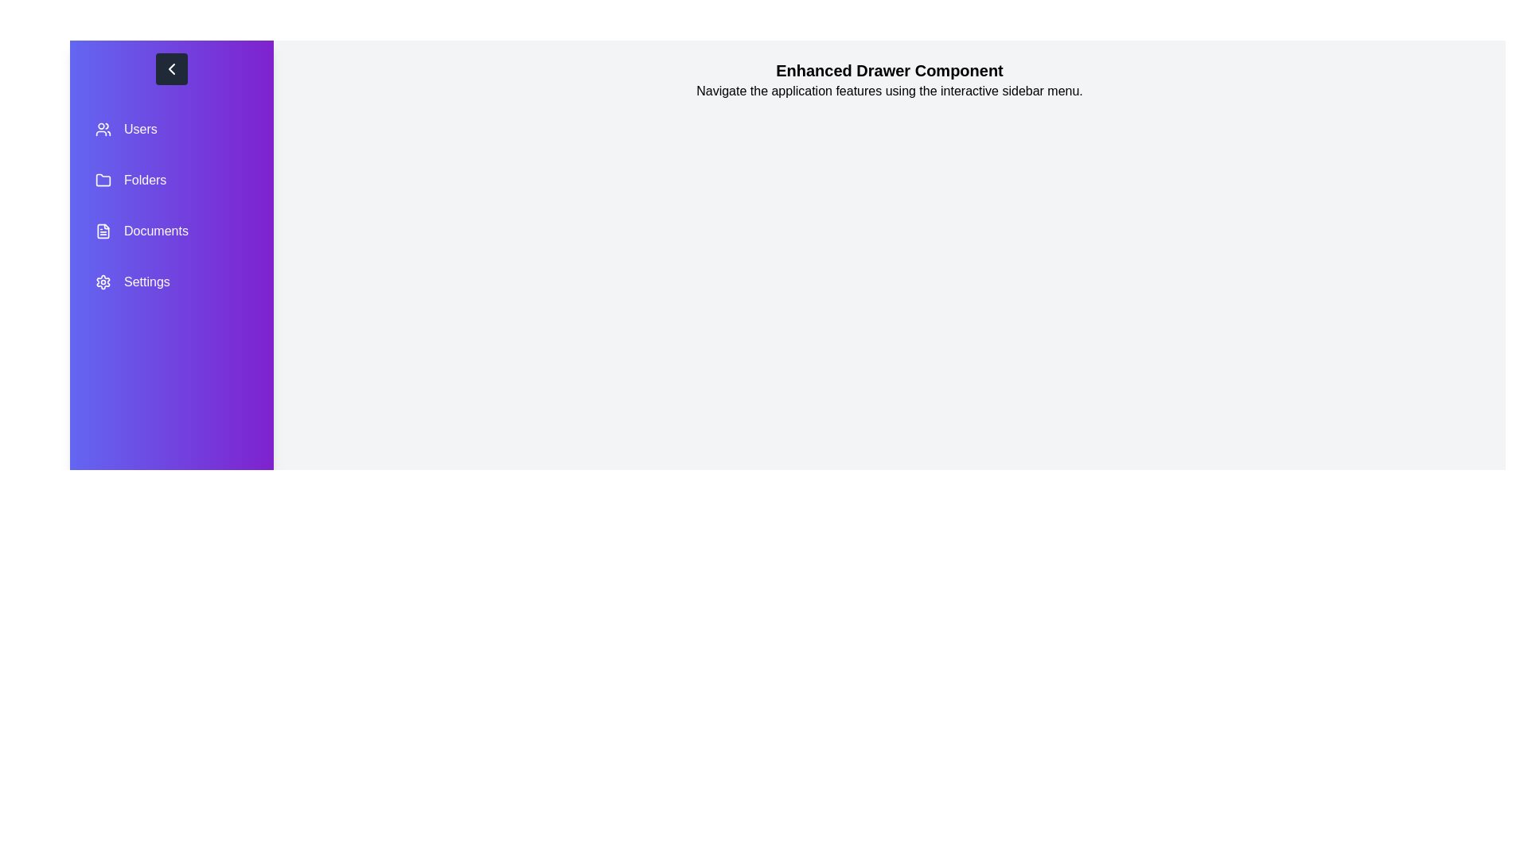 This screenshot has height=859, width=1528. What do you see at coordinates (172, 231) in the screenshot?
I see `the menu item labeled Documents to observe the hover effect` at bounding box center [172, 231].